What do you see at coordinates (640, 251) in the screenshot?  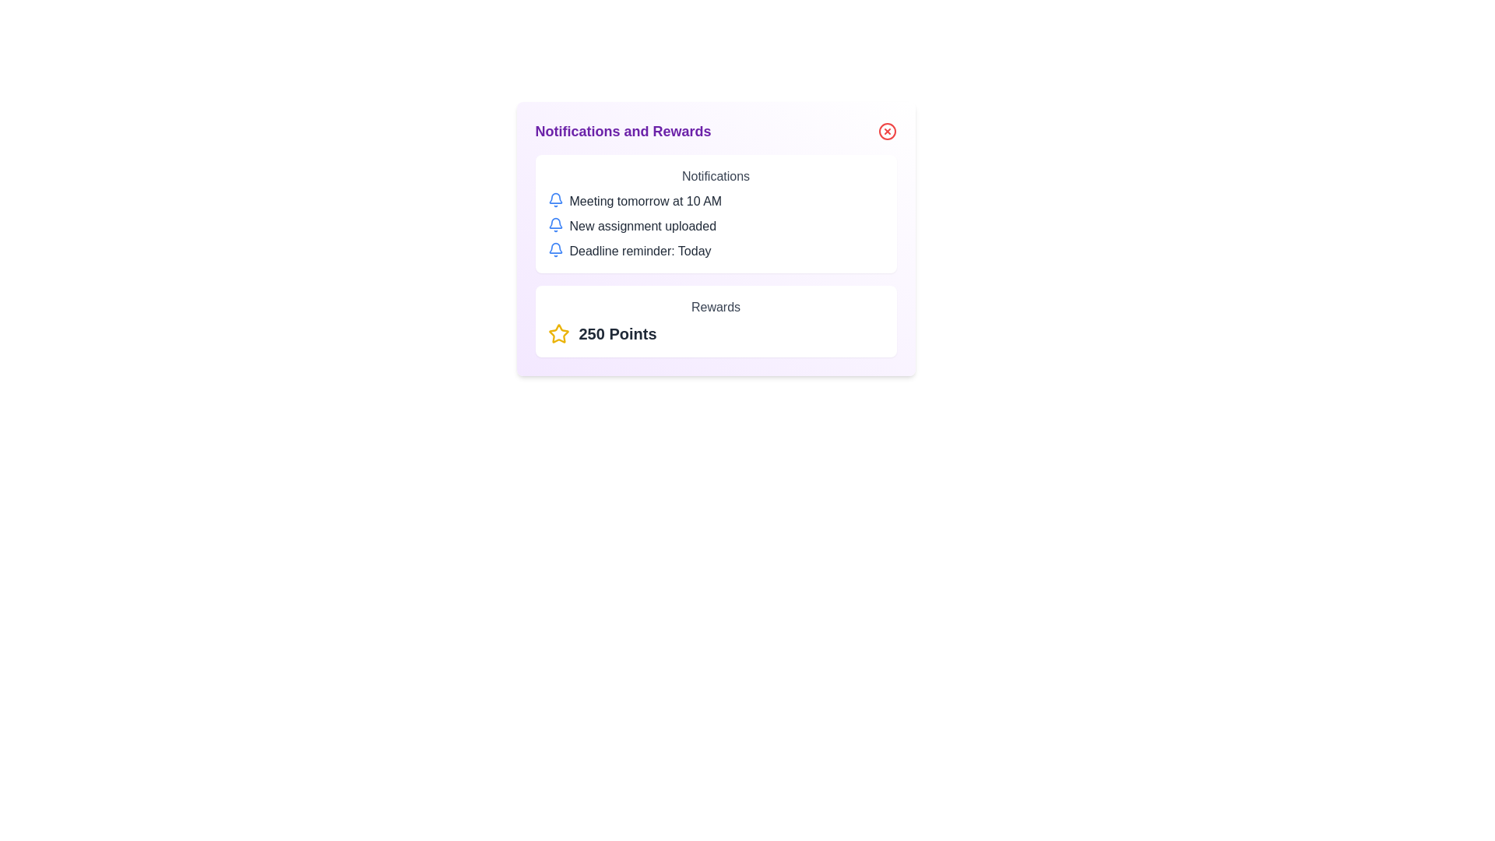 I see `text notification that says 'Deadline reminder: Today', which is the third notification in the list within the 'Notifications' section of the 'Notifications and Rewards' card` at bounding box center [640, 251].